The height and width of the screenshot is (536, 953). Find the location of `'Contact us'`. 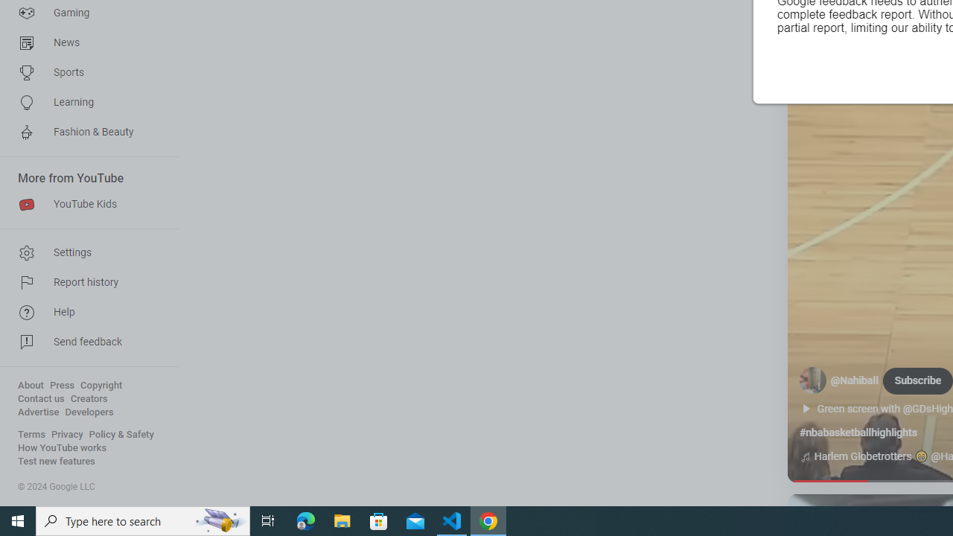

'Contact us' is located at coordinates (41, 398).